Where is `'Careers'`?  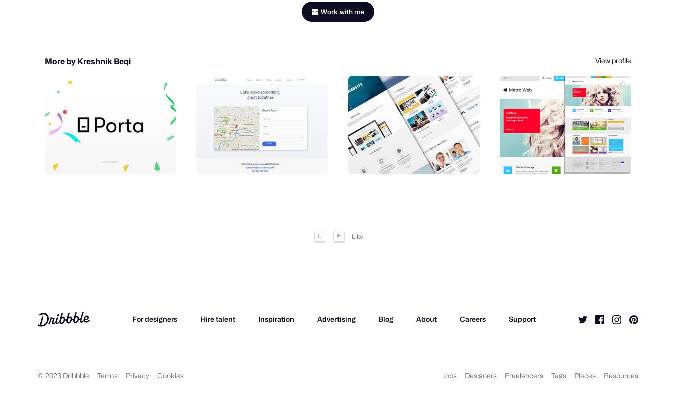
'Careers' is located at coordinates (459, 322).